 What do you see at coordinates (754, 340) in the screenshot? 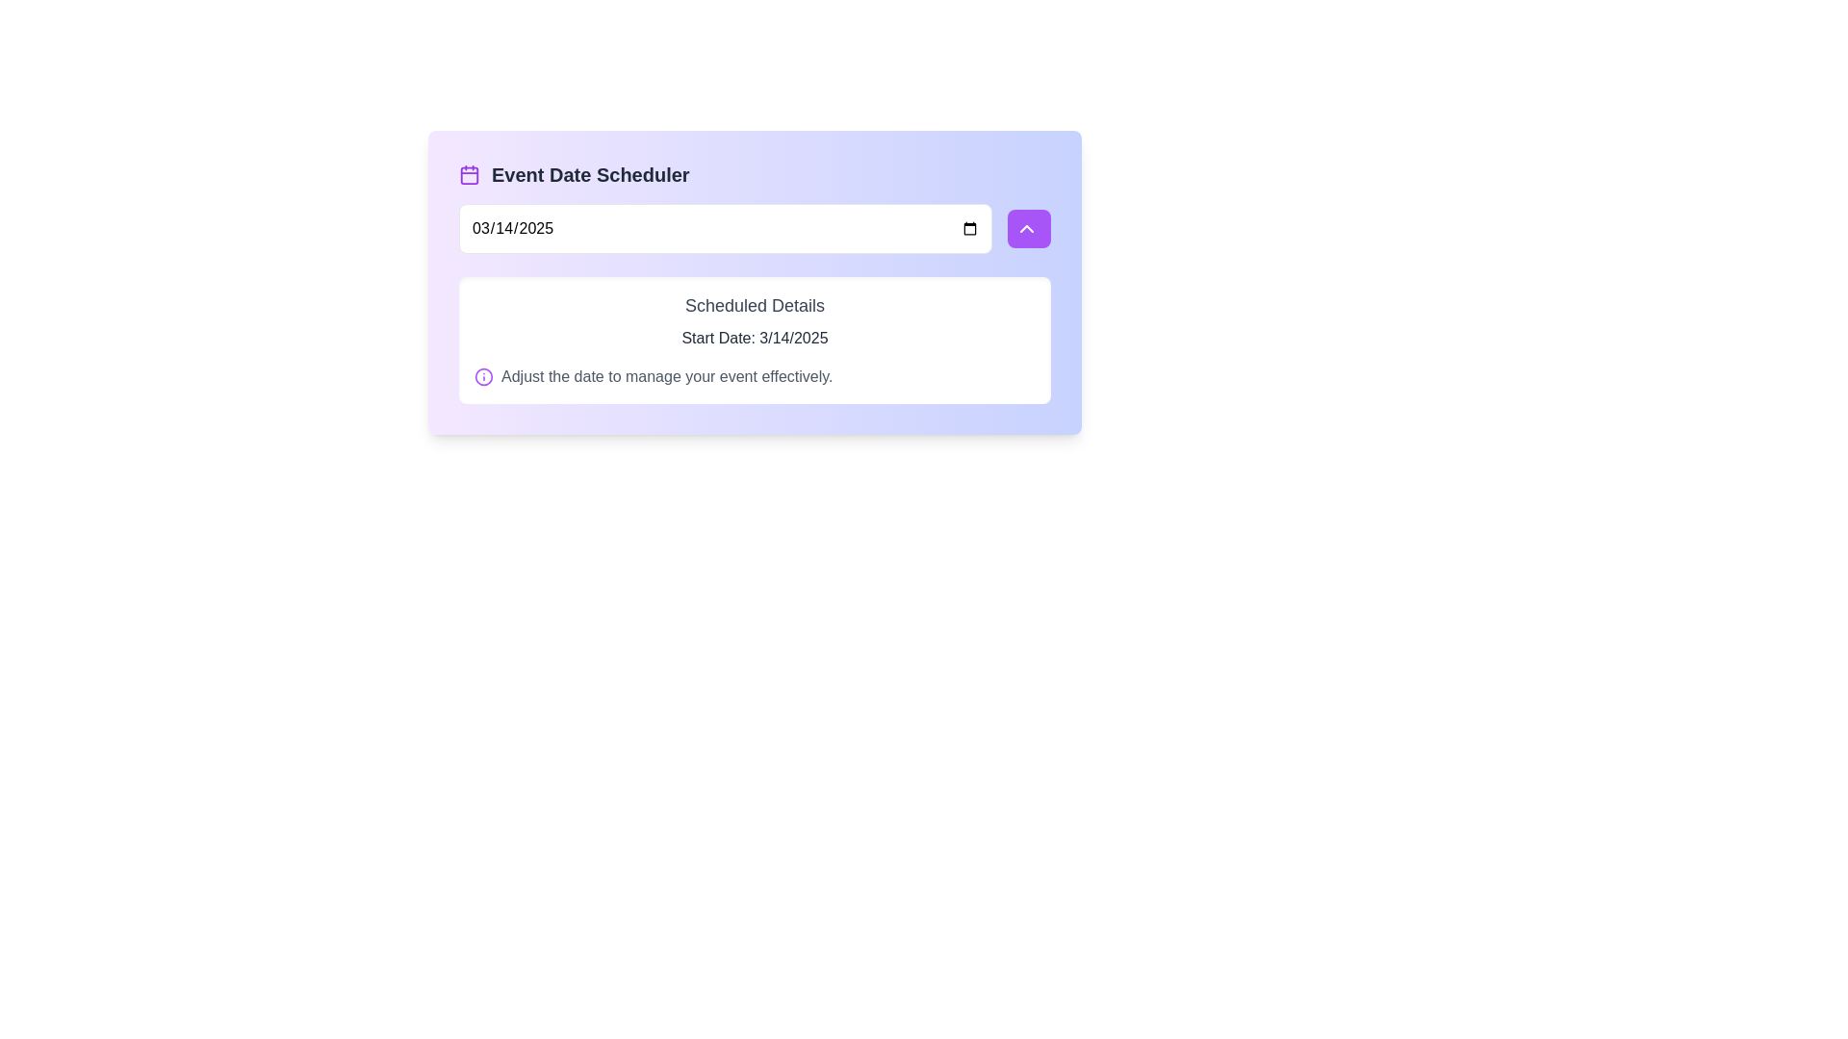
I see `the Informational text box displaying 'Scheduled Details' with a white background, located below the date input field within a card that has a gradient purple-to-indigo background` at bounding box center [754, 340].